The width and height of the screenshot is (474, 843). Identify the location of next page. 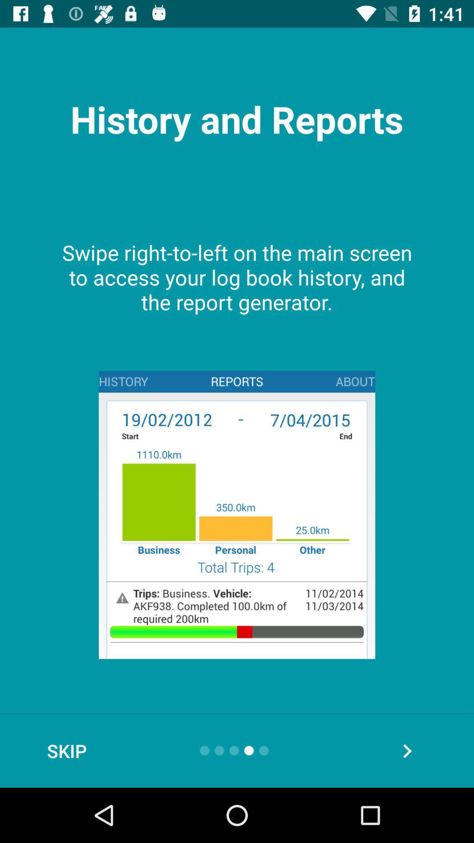
(407, 750).